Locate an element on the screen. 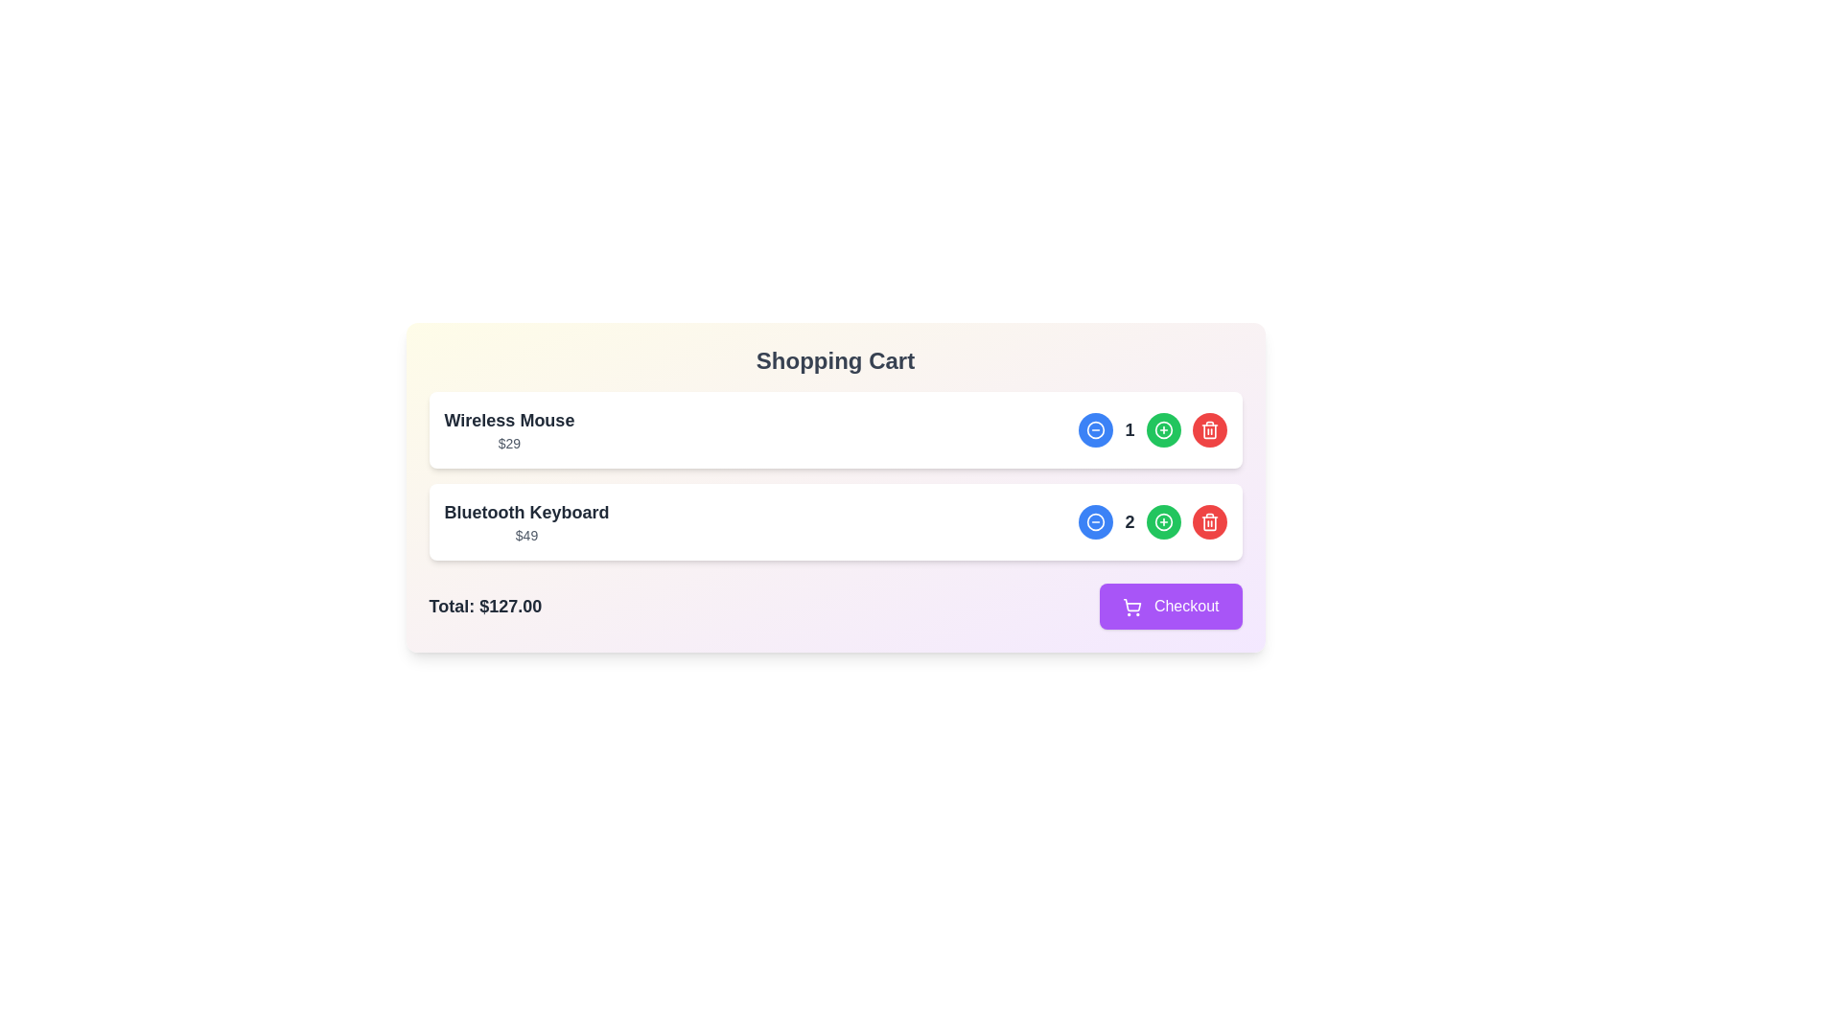  the text display indicating the quantity of the 'Bluetooth Keyboard' is located at coordinates (1130, 521).